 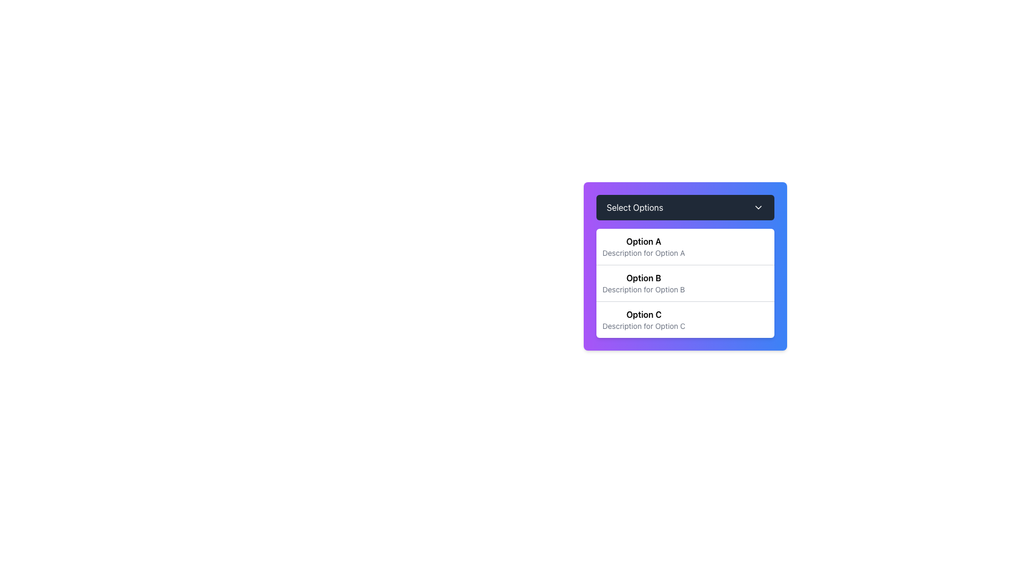 What do you see at coordinates (685, 247) in the screenshot?
I see `the first selectable item 'Option A' in the dropdown menu` at bounding box center [685, 247].